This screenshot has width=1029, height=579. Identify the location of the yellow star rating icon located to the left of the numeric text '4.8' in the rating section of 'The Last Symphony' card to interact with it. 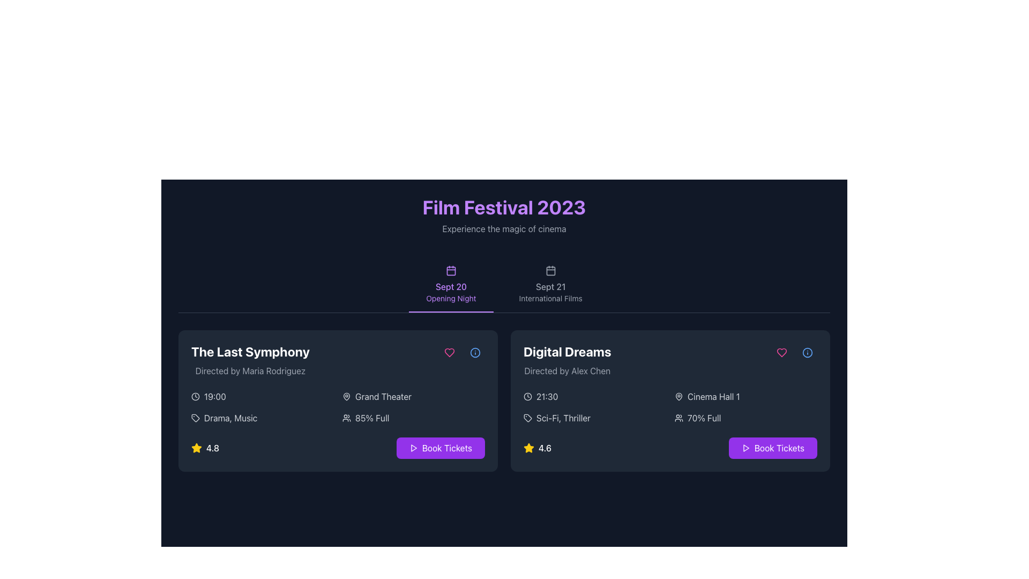
(196, 448).